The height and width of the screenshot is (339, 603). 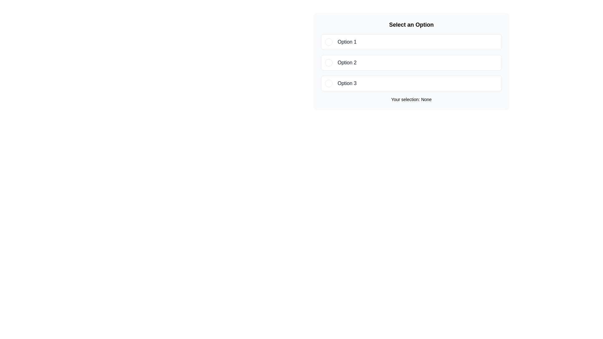 What do you see at coordinates (411, 83) in the screenshot?
I see `the third List option entry with a radio button for keyboard interaction` at bounding box center [411, 83].